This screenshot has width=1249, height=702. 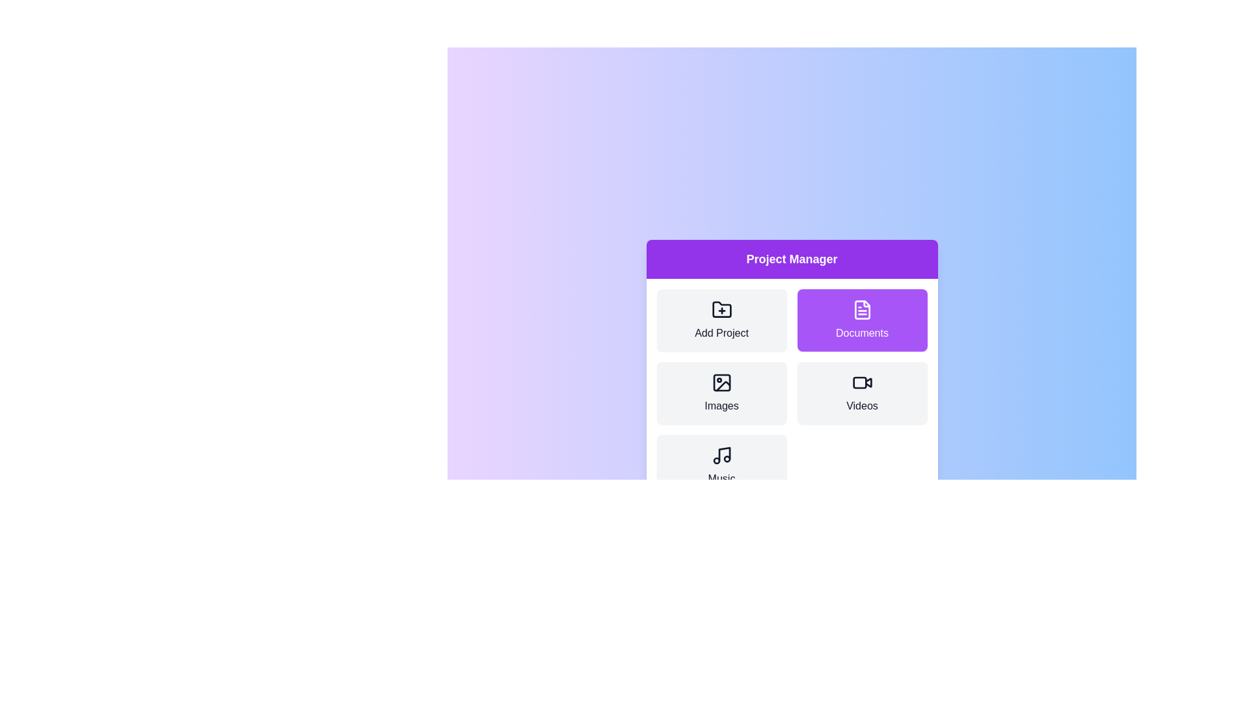 I want to click on the category labeled Add Project to select it, so click(x=721, y=320).